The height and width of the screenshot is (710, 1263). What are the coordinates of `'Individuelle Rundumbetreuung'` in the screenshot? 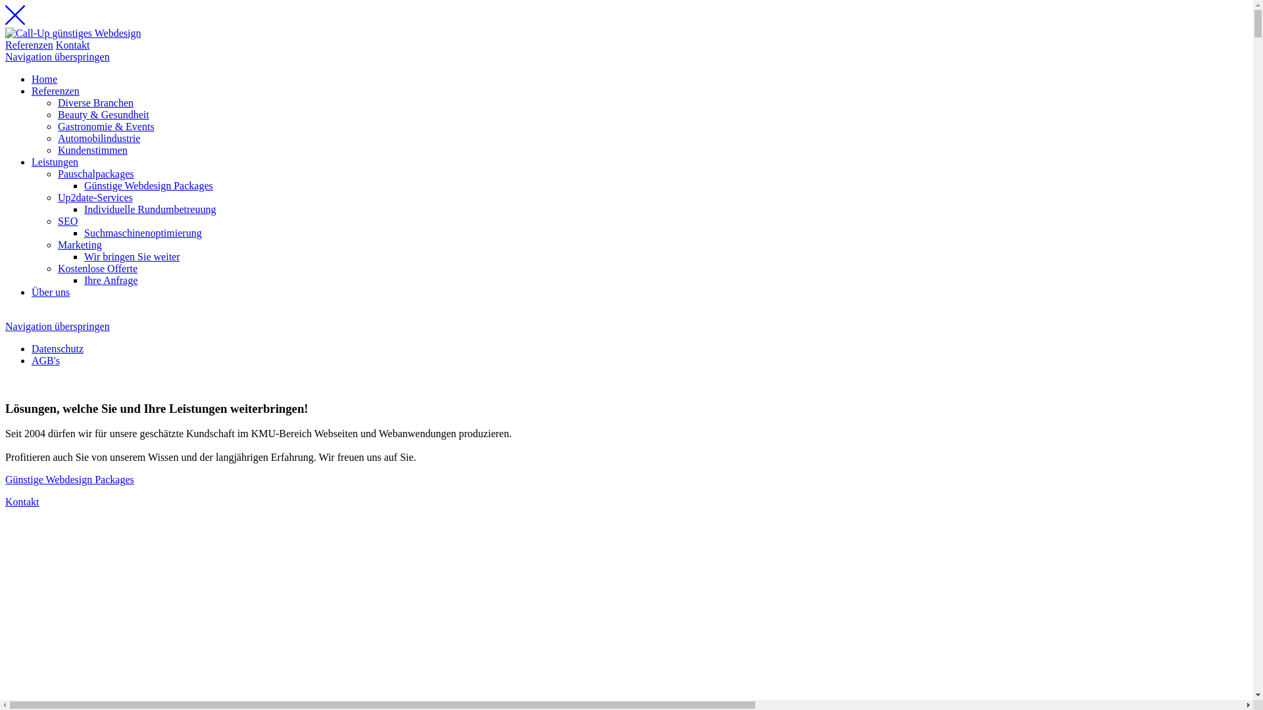 It's located at (84, 208).